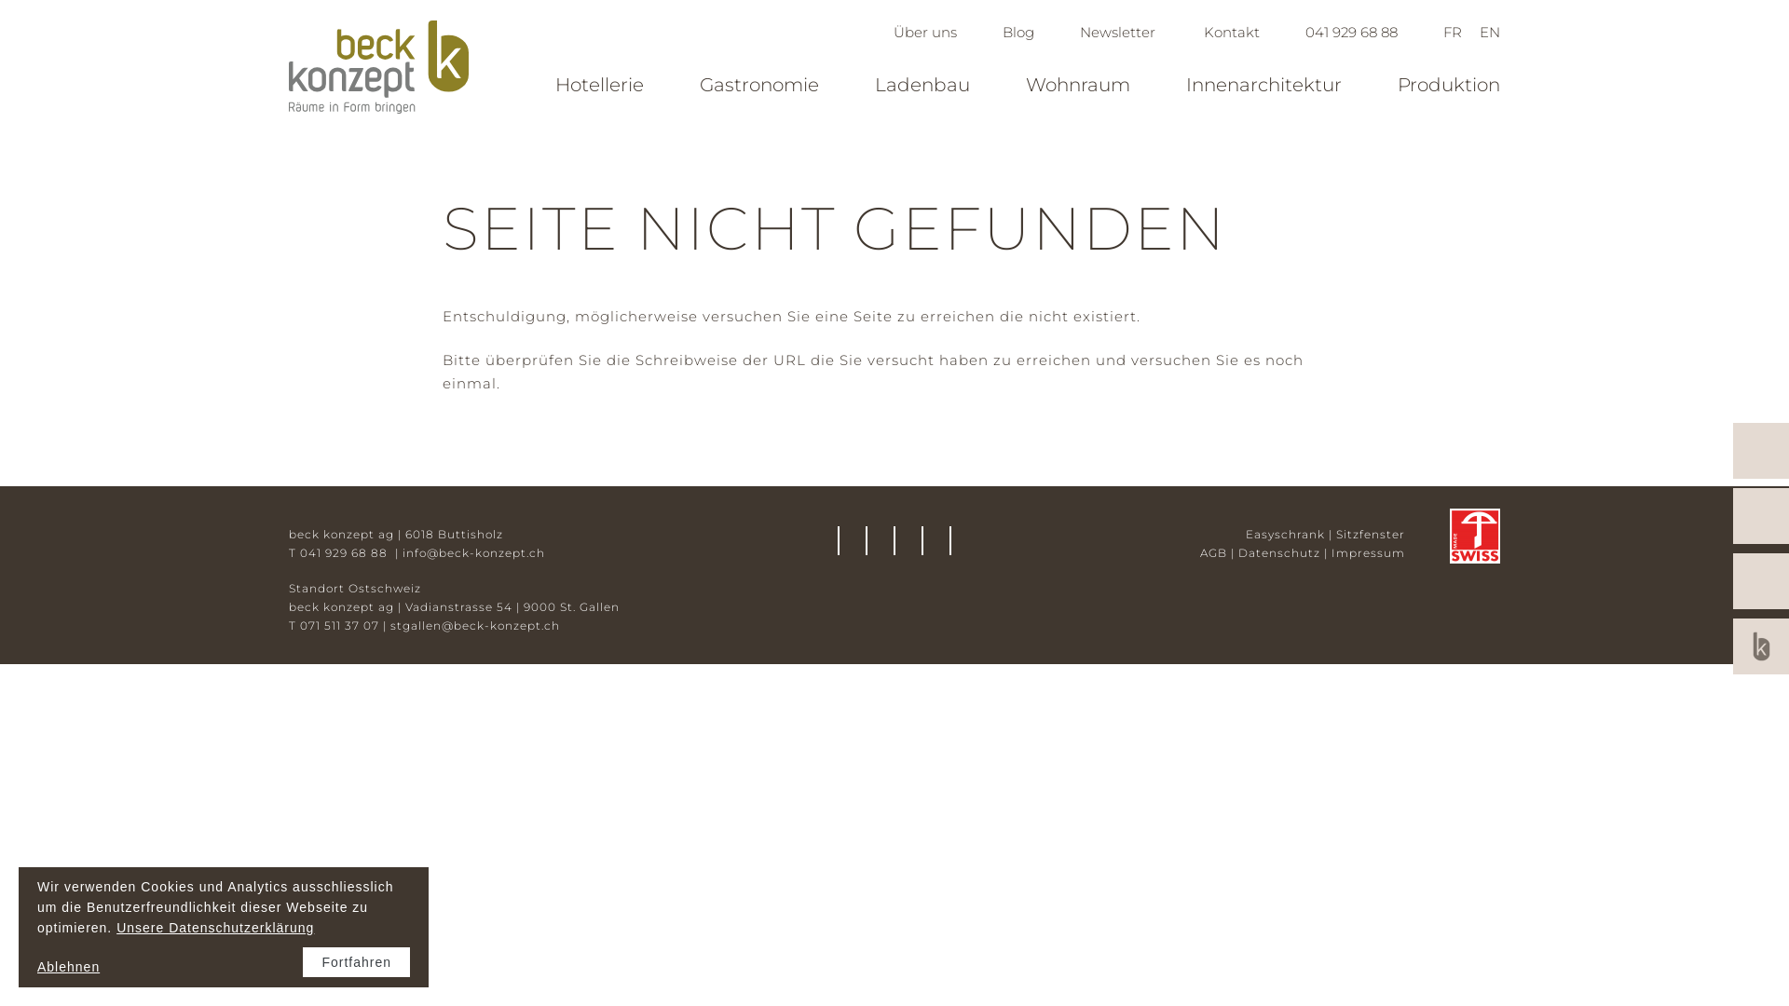  I want to click on 'Blog', so click(1017, 32).